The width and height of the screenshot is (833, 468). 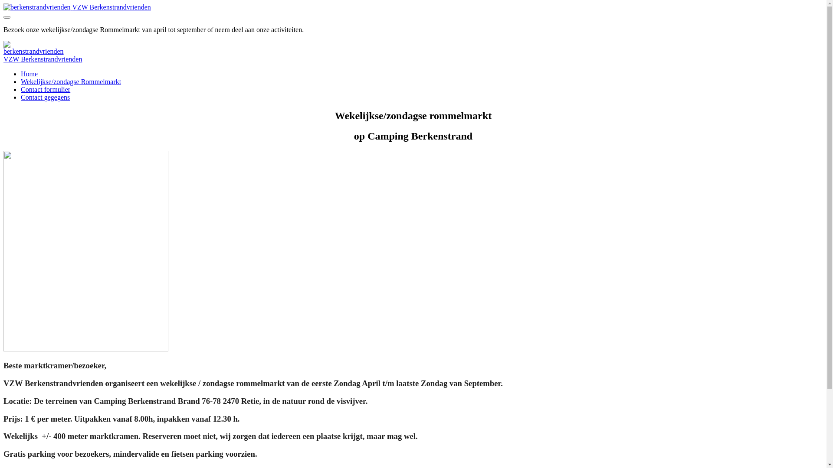 I want to click on 'Wekelijkse/zondagse Rommelmarkt', so click(x=71, y=81).